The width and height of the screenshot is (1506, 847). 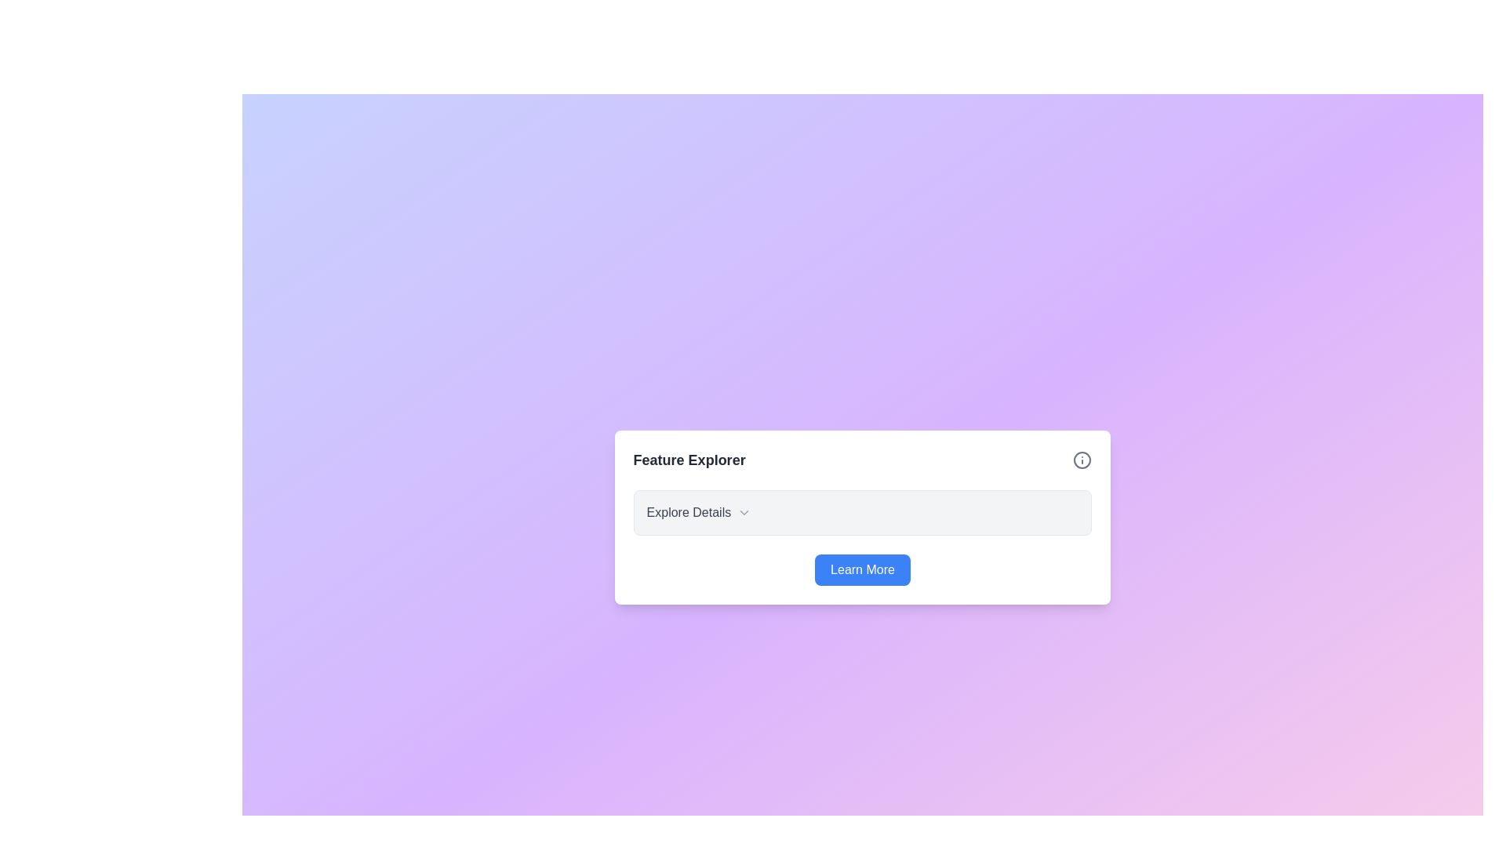 What do you see at coordinates (861, 569) in the screenshot?
I see `the button located beneath the 'Explore Details' block` at bounding box center [861, 569].